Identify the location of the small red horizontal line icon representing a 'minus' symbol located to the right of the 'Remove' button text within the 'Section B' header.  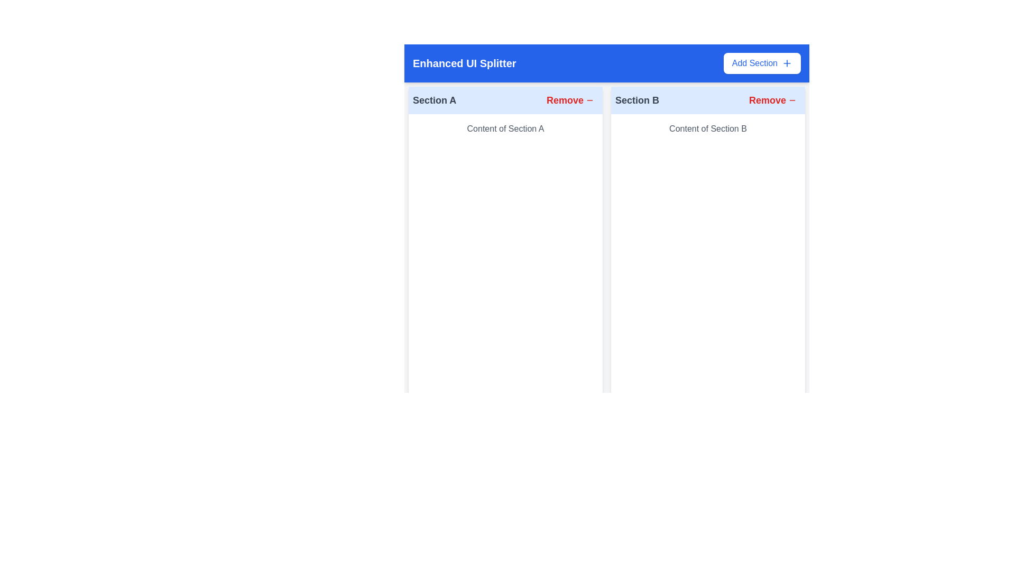
(792, 100).